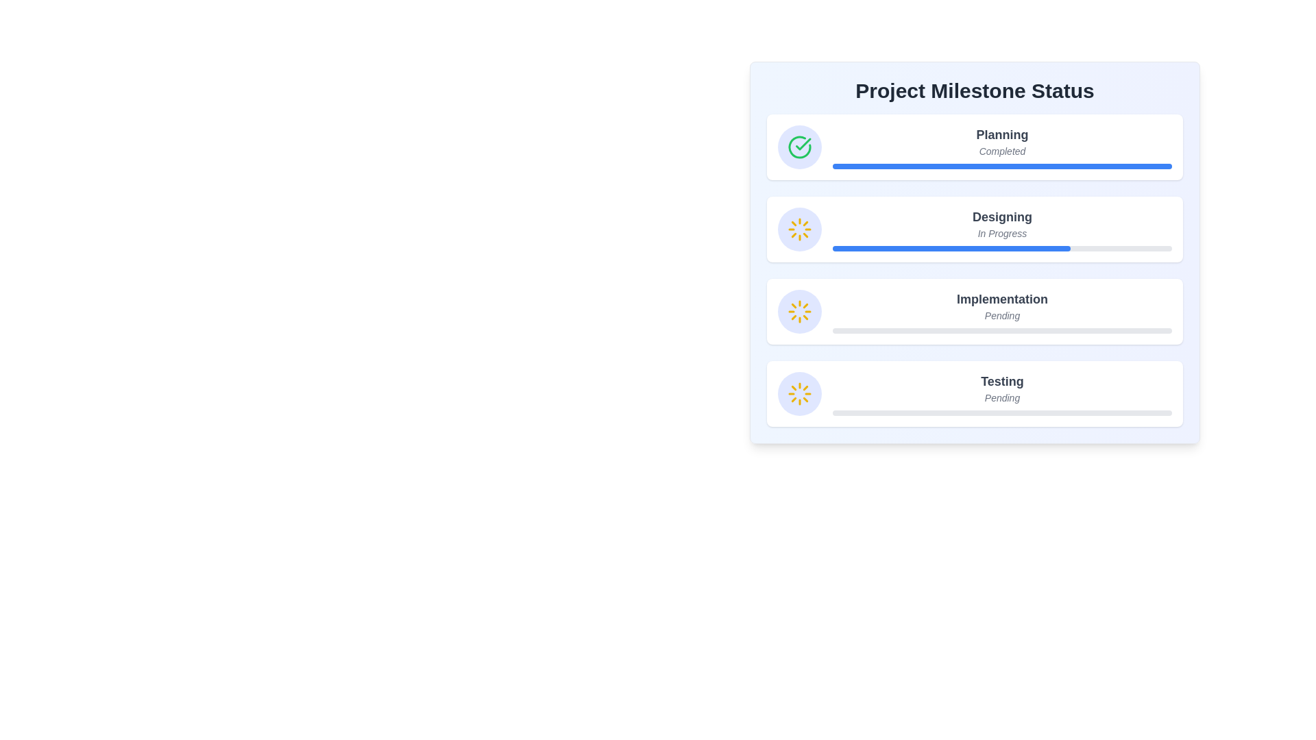 The height and width of the screenshot is (740, 1316). I want to click on the progress bar indicating 70% completion of the 'Designing' task in the milestone tracker, so click(951, 248).